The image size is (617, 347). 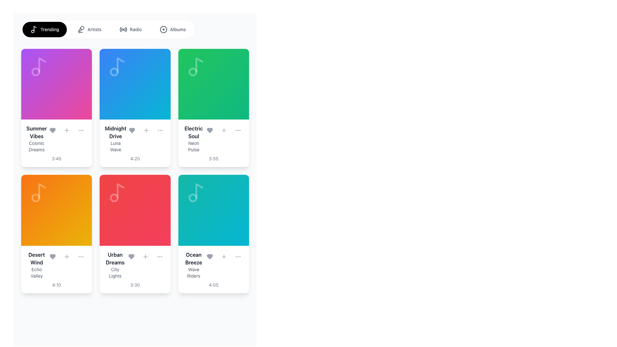 What do you see at coordinates (224, 256) in the screenshot?
I see `the 'Add' button located at the bottom-right corner of the 'Ocean Breeze' card in the fourth column and second row of the grid layout` at bounding box center [224, 256].